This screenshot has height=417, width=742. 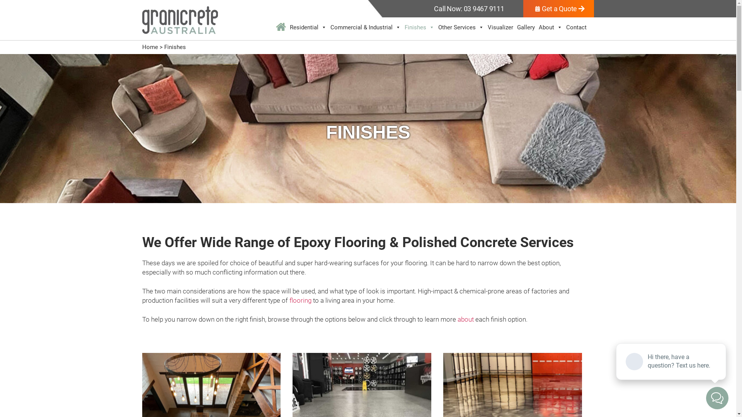 What do you see at coordinates (465, 319) in the screenshot?
I see `'about'` at bounding box center [465, 319].